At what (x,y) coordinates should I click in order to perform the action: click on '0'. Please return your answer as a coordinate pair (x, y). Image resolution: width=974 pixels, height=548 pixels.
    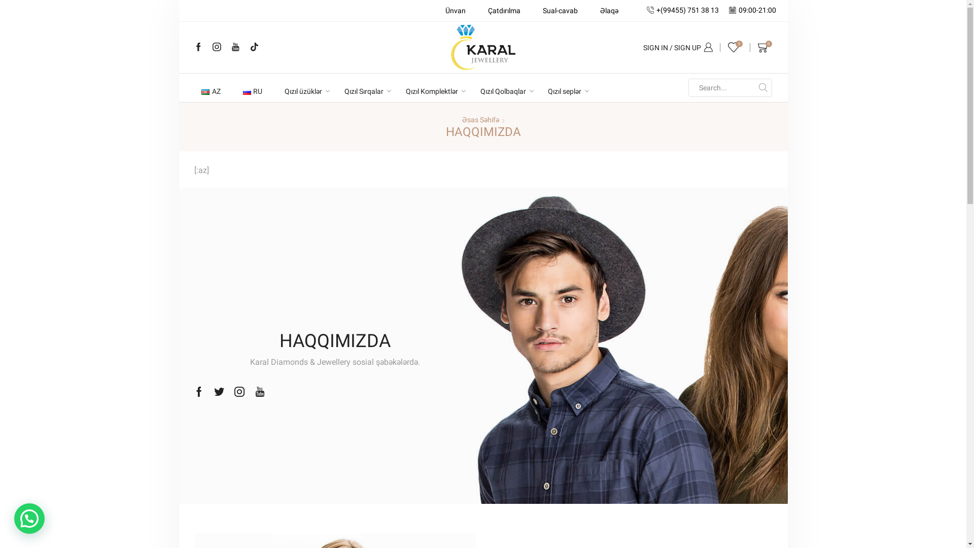
    Looking at the image, I should click on (735, 47).